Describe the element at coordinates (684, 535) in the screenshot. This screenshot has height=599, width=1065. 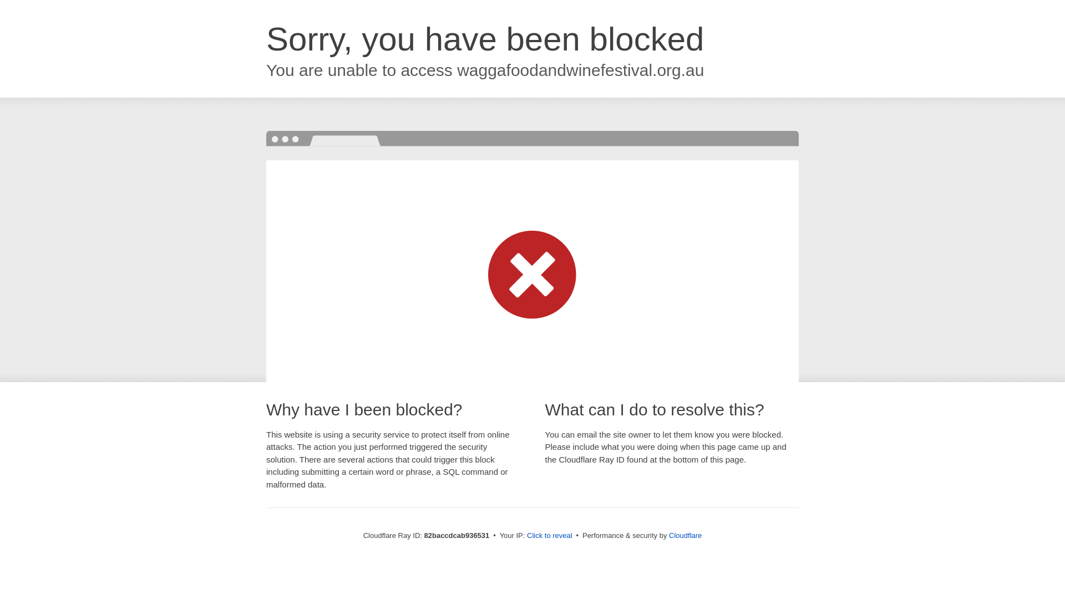
I see `'Cloudflare'` at that location.